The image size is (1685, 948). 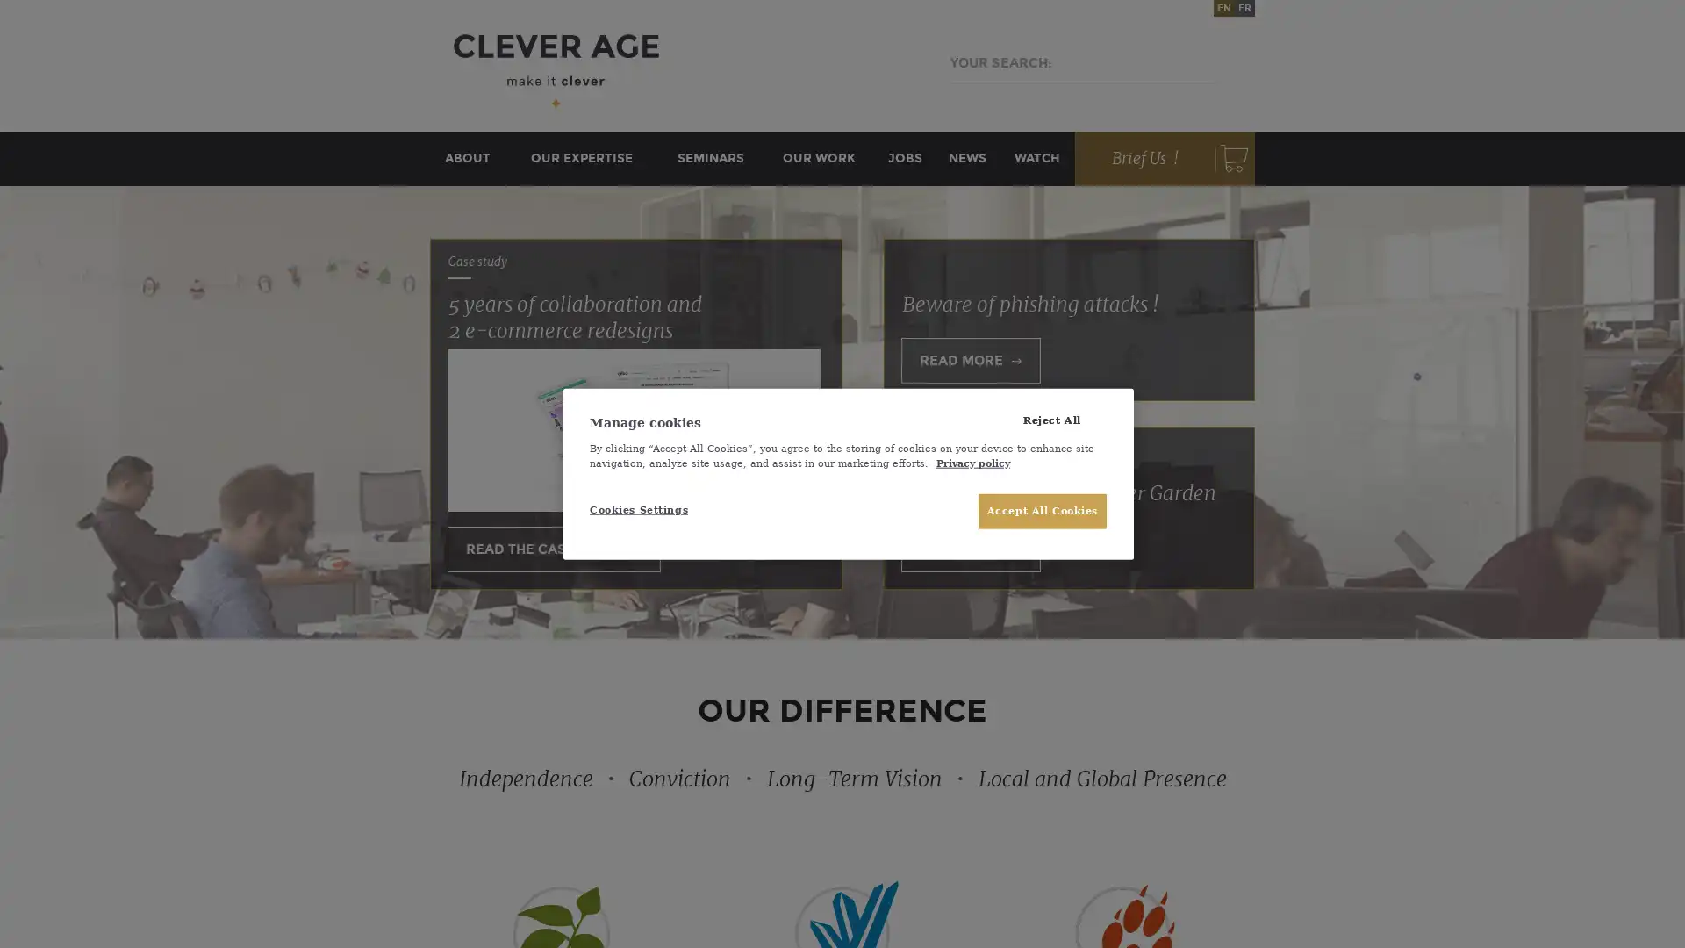 What do you see at coordinates (1051, 420) in the screenshot?
I see `Reject All` at bounding box center [1051, 420].